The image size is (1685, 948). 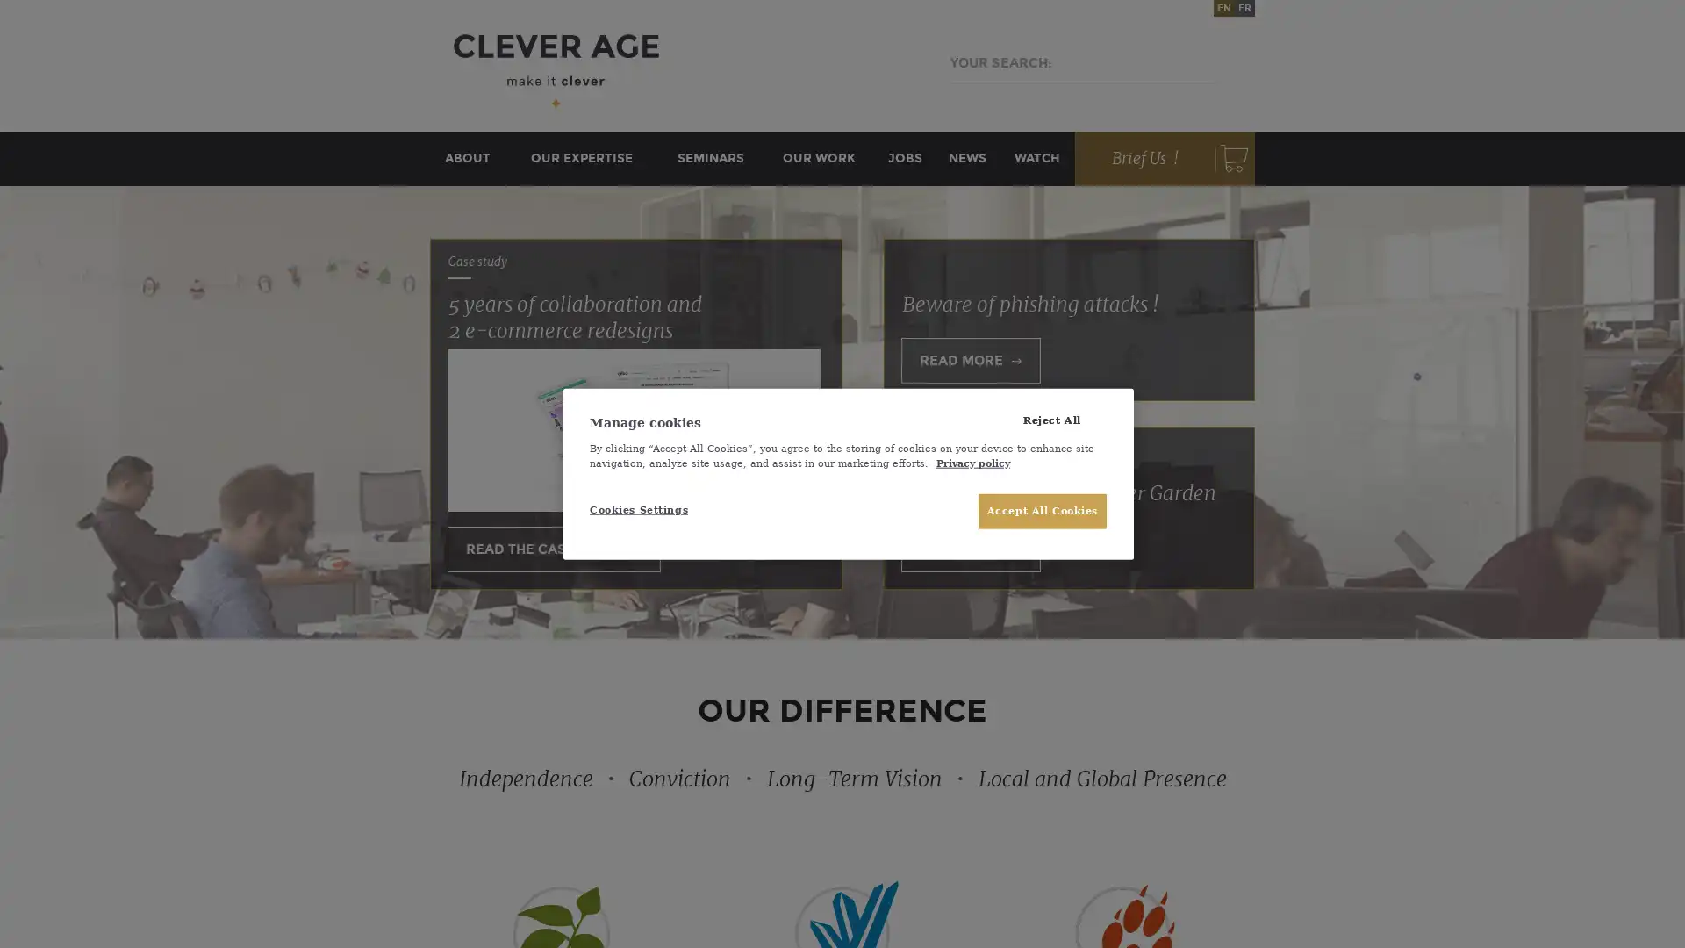 What do you see at coordinates (1051, 420) in the screenshot?
I see `Reject All` at bounding box center [1051, 420].